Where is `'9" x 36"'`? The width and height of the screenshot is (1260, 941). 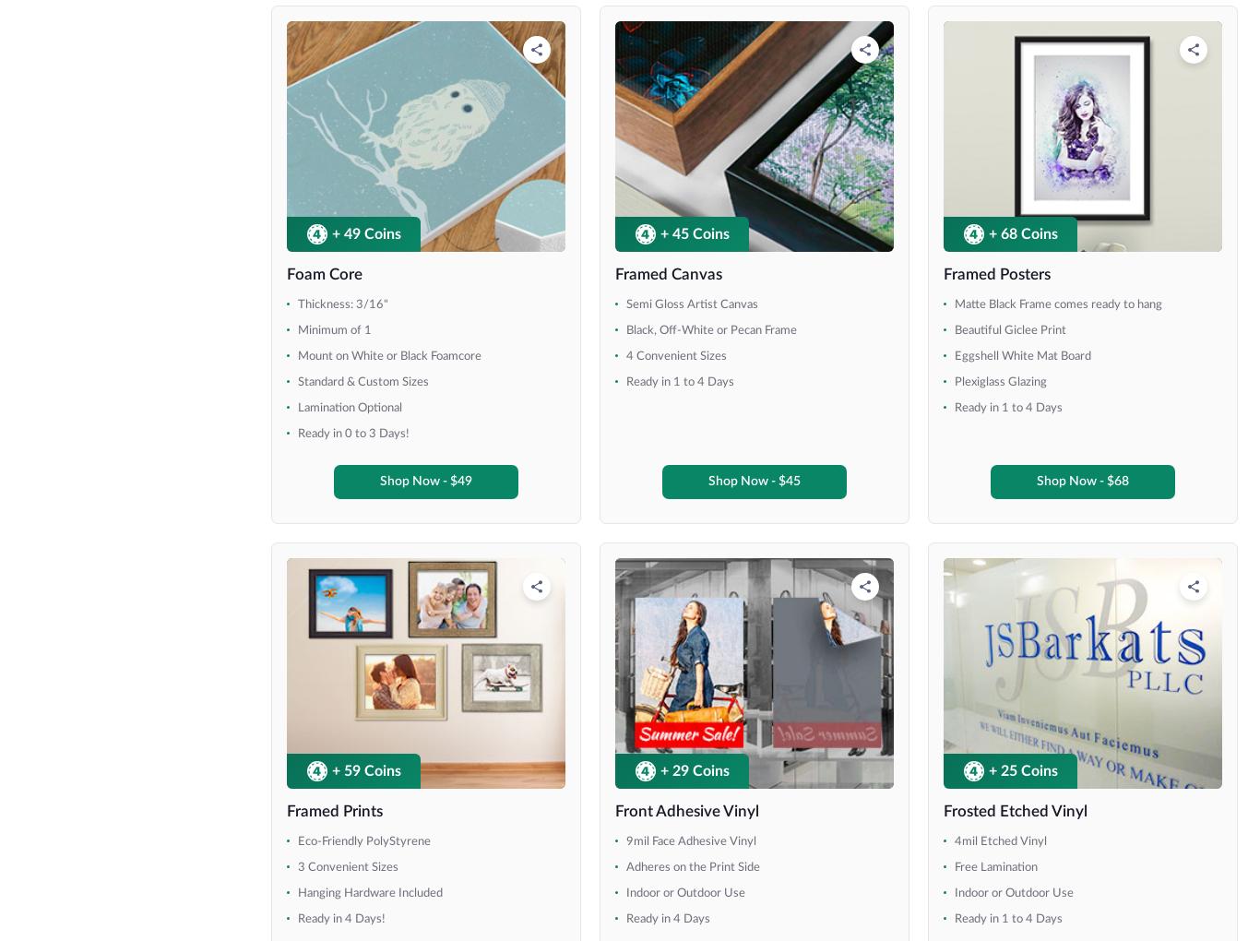
'9" x 36"' is located at coordinates (72, 388).